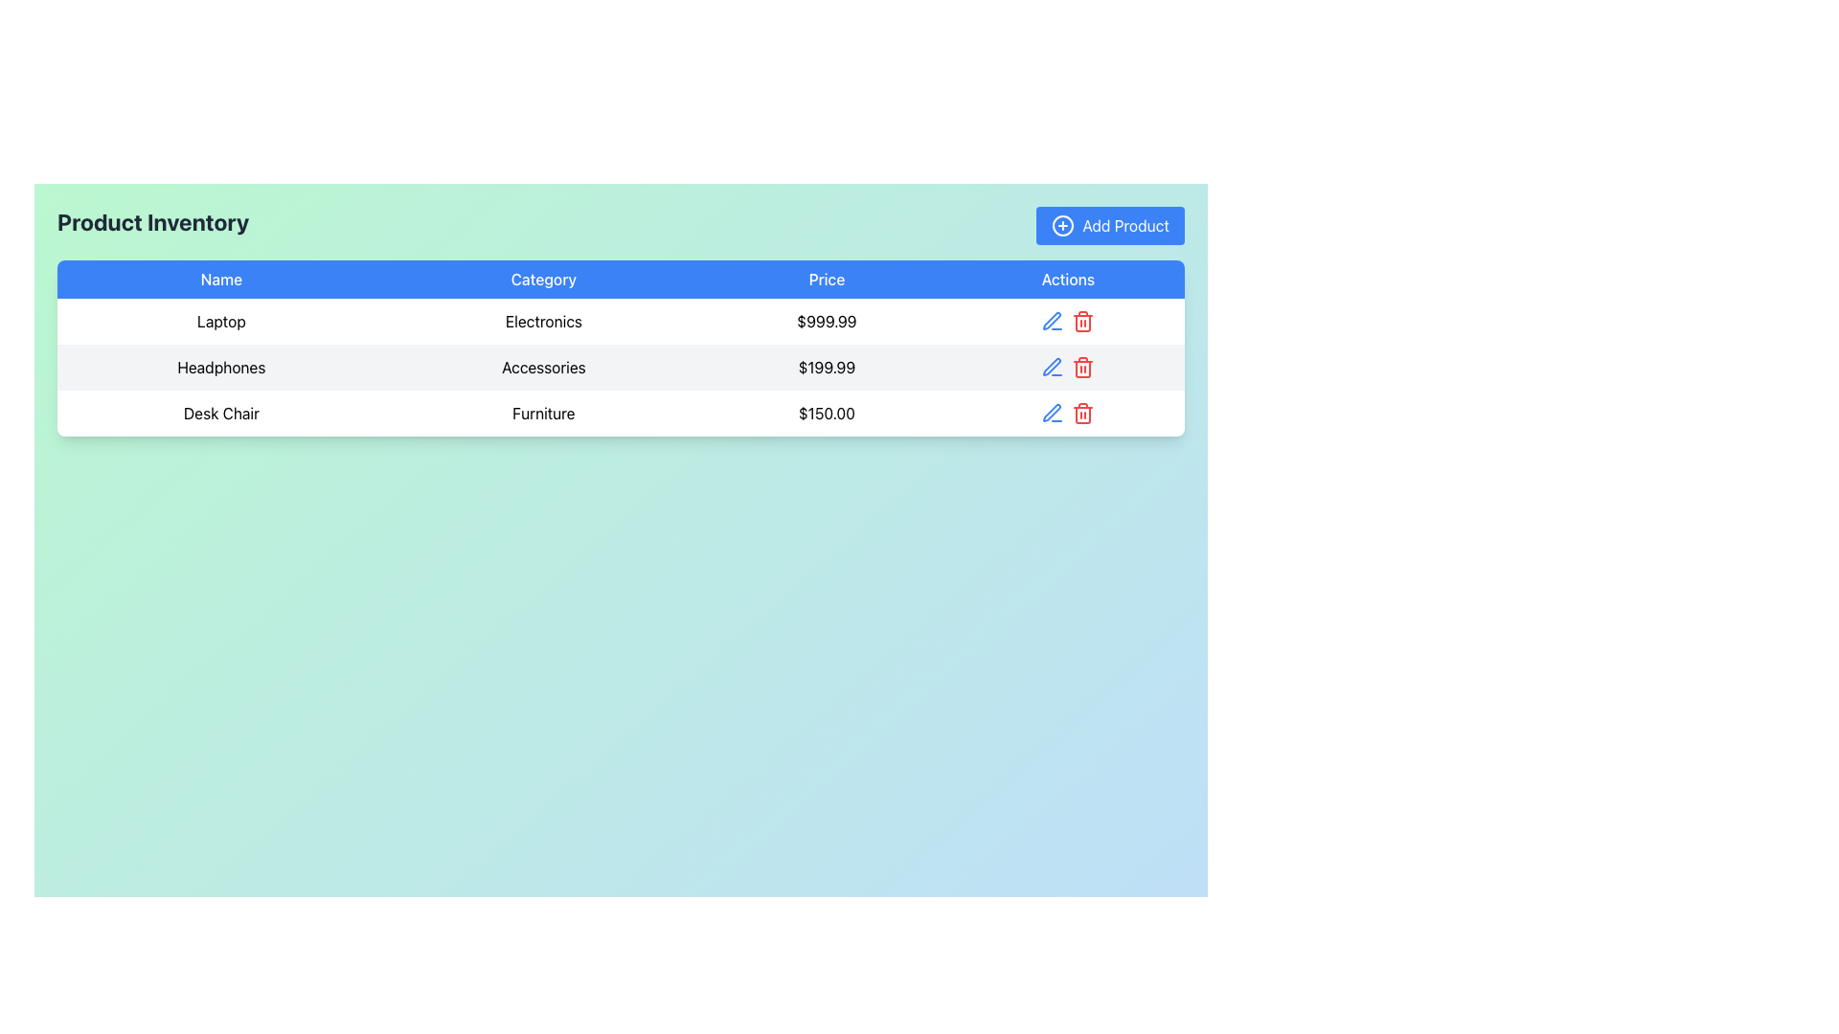 This screenshot has width=1839, height=1034. What do you see at coordinates (1051, 412) in the screenshot?
I see `the edit icon for the 'Headphones' product entry located in the 'Actions' column of the second row of the table` at bounding box center [1051, 412].